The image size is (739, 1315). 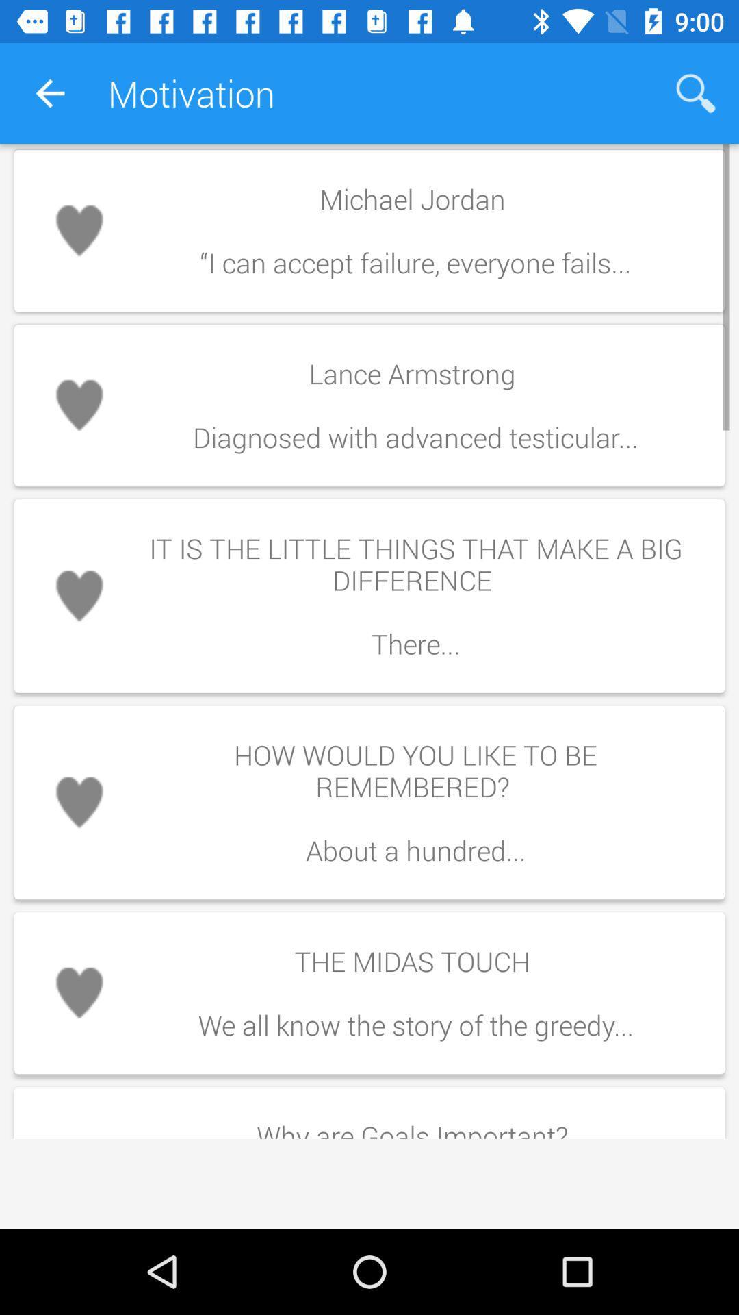 What do you see at coordinates (415, 1123) in the screenshot?
I see `the why are goals icon` at bounding box center [415, 1123].